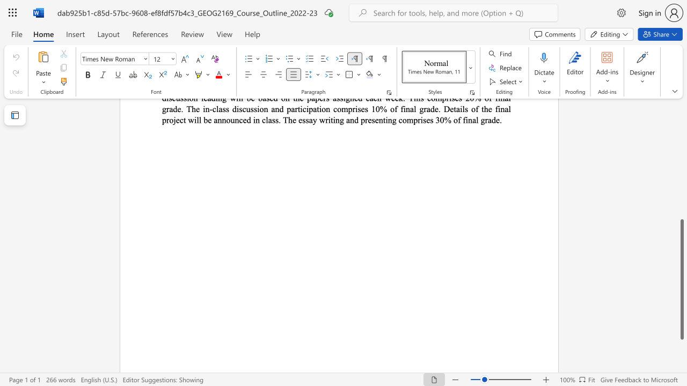 This screenshot has height=386, width=687. Describe the element at coordinates (681, 187) in the screenshot. I see `the scrollbar to move the page up` at that location.